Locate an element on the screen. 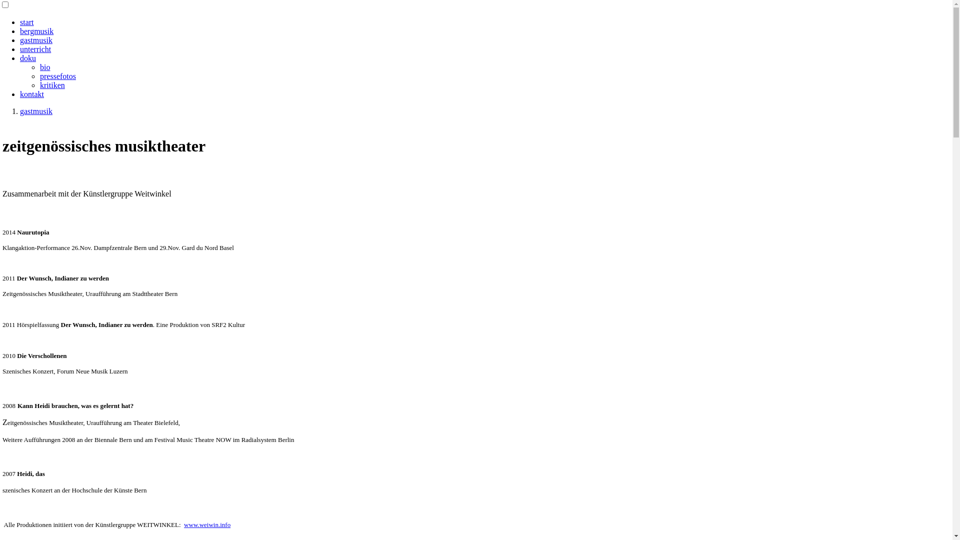 The height and width of the screenshot is (540, 960). 'bio' is located at coordinates (40, 67).